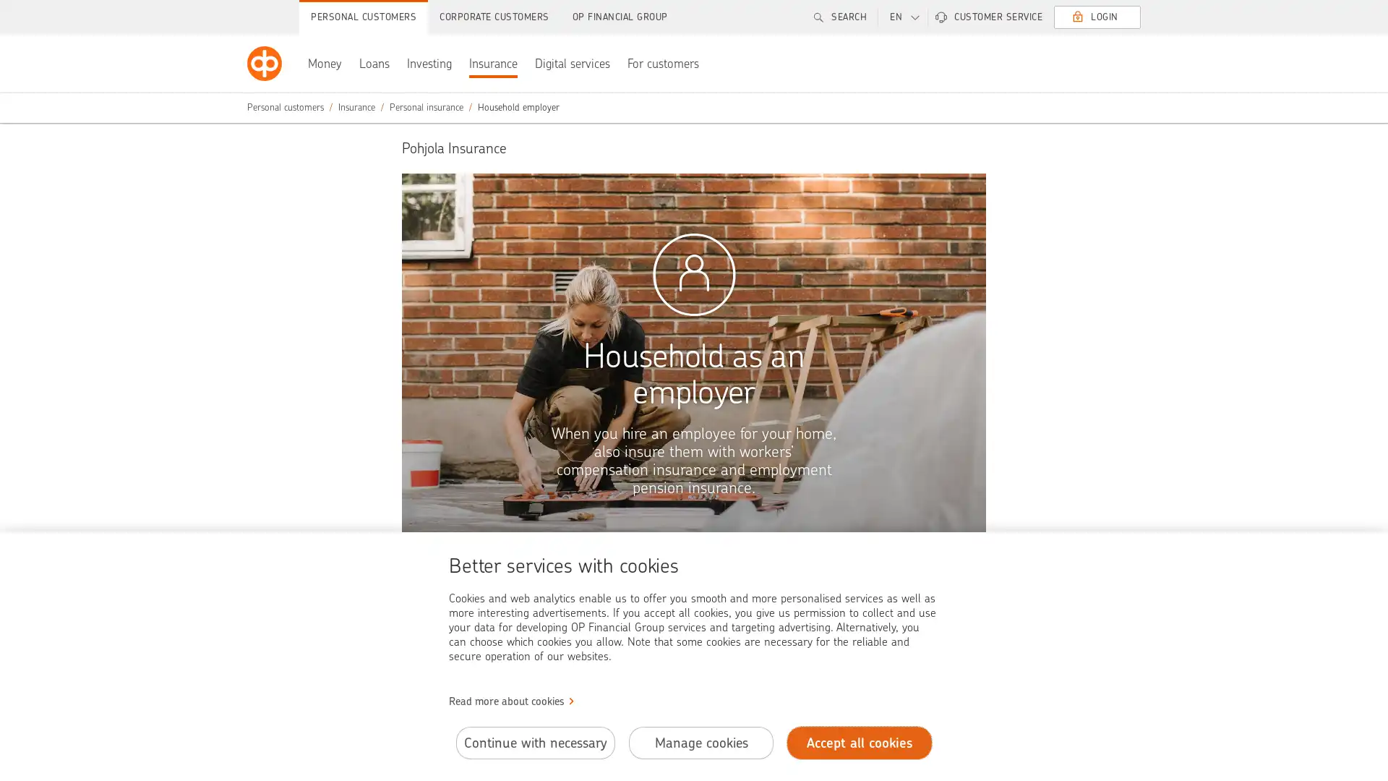 This screenshot has width=1388, height=781. What do you see at coordinates (534, 743) in the screenshot?
I see `Continue with necessary cookies.` at bounding box center [534, 743].